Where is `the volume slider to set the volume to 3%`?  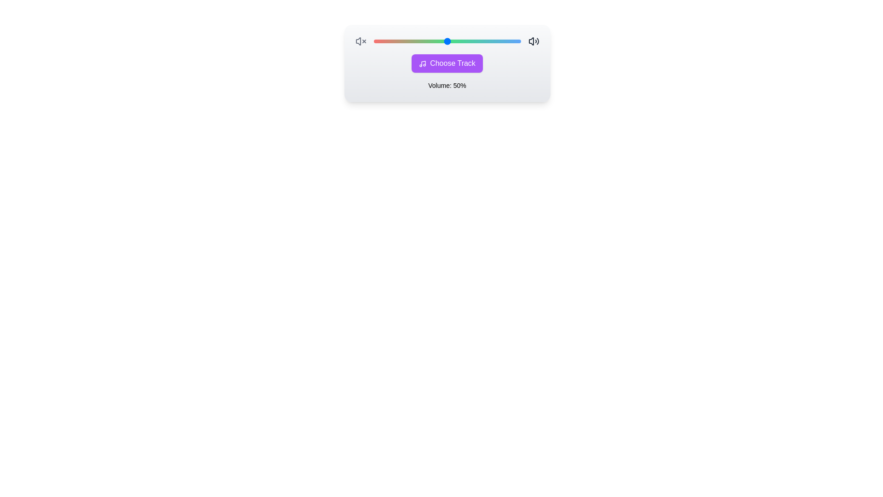
the volume slider to set the volume to 3% is located at coordinates (373, 40).